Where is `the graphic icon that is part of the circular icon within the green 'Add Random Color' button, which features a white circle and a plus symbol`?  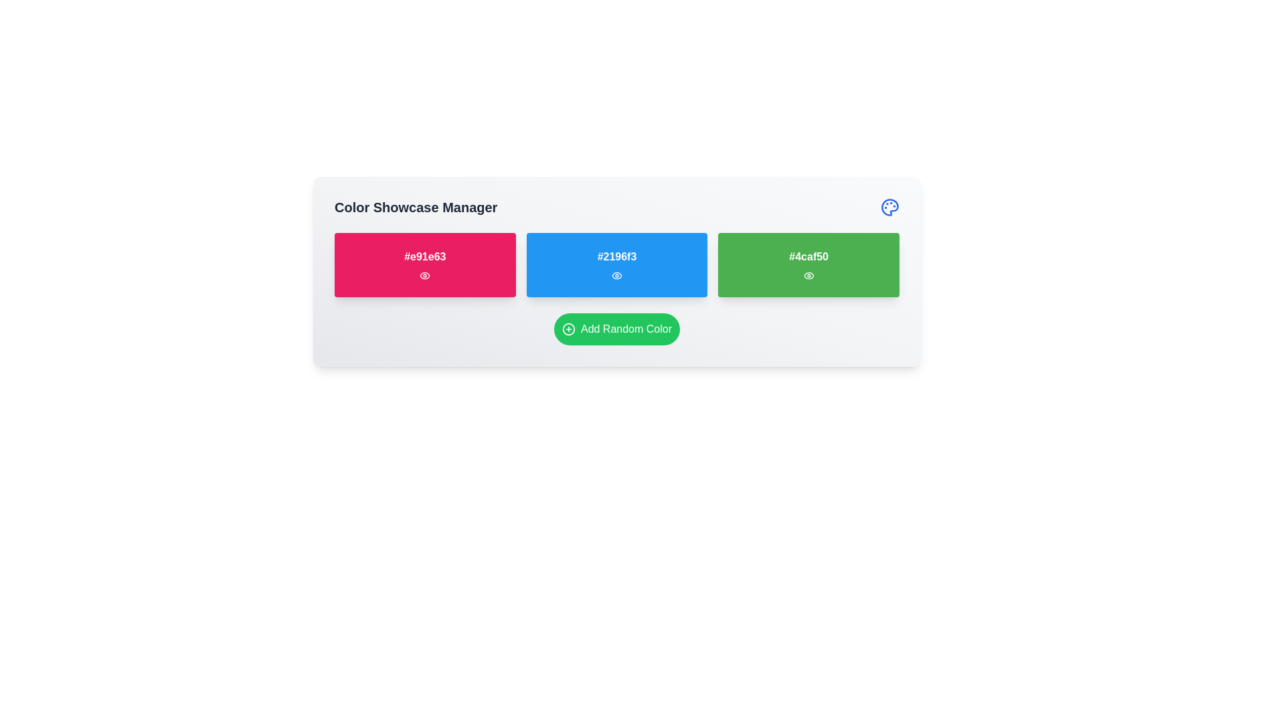 the graphic icon that is part of the circular icon within the green 'Add Random Color' button, which features a white circle and a plus symbol is located at coordinates (568, 329).